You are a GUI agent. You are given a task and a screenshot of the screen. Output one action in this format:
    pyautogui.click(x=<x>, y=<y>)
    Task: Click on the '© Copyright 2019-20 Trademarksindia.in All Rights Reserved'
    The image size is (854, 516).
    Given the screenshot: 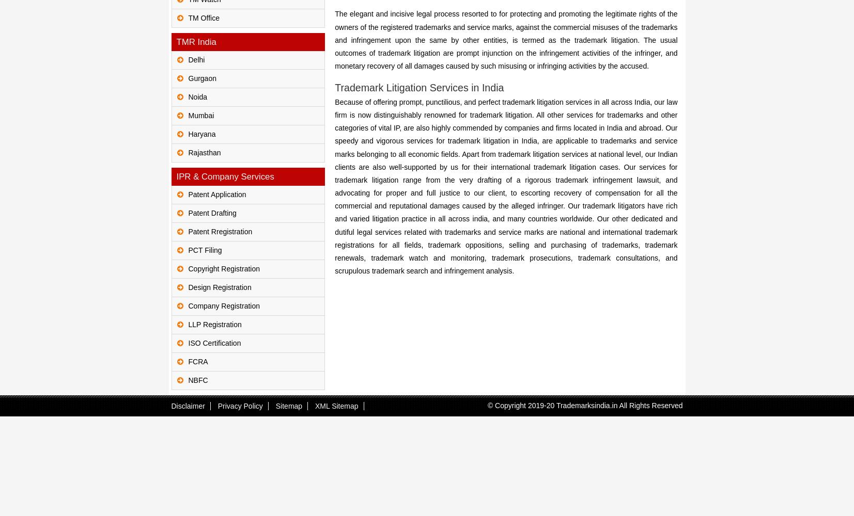 What is the action you would take?
    pyautogui.click(x=584, y=406)
    